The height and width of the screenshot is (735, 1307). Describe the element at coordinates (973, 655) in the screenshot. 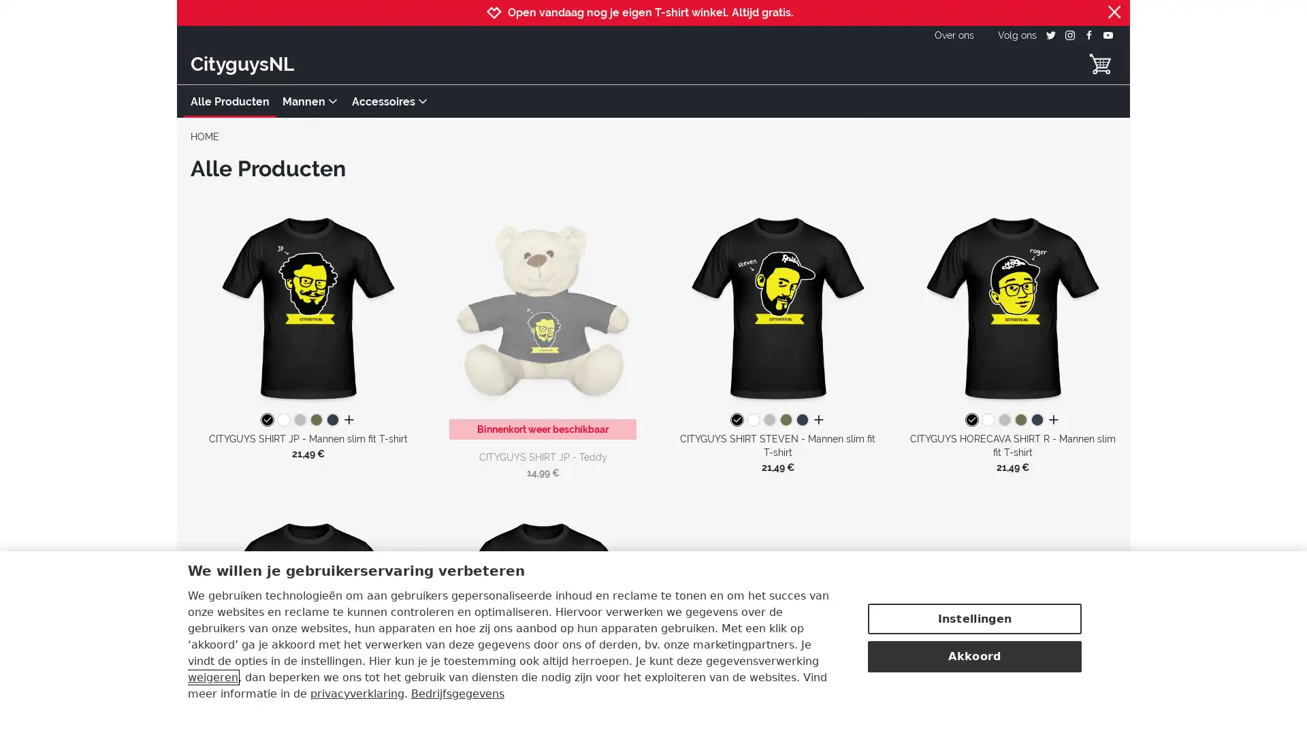

I see `Akkoord` at that location.